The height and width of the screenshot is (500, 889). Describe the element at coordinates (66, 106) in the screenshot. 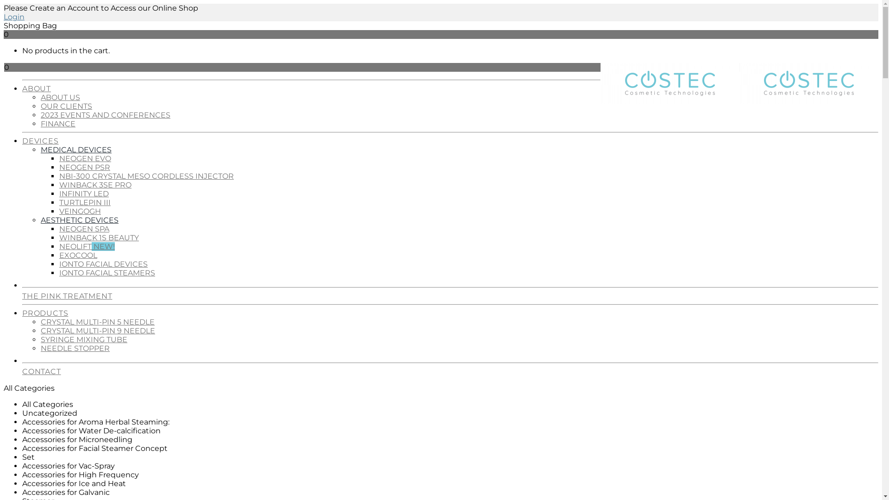

I see `'OUR CLIENTS'` at that location.